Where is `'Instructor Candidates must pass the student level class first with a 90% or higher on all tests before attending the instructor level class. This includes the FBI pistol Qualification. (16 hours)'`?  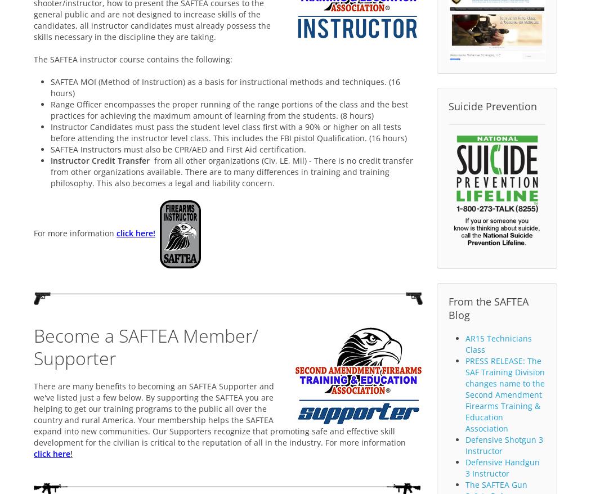
'Instructor Candidates must pass the student level class first with a 90% or higher on all tests before attending the instructor level class. This includes the FBI pistol Qualification. (16 hours)' is located at coordinates (50, 132).